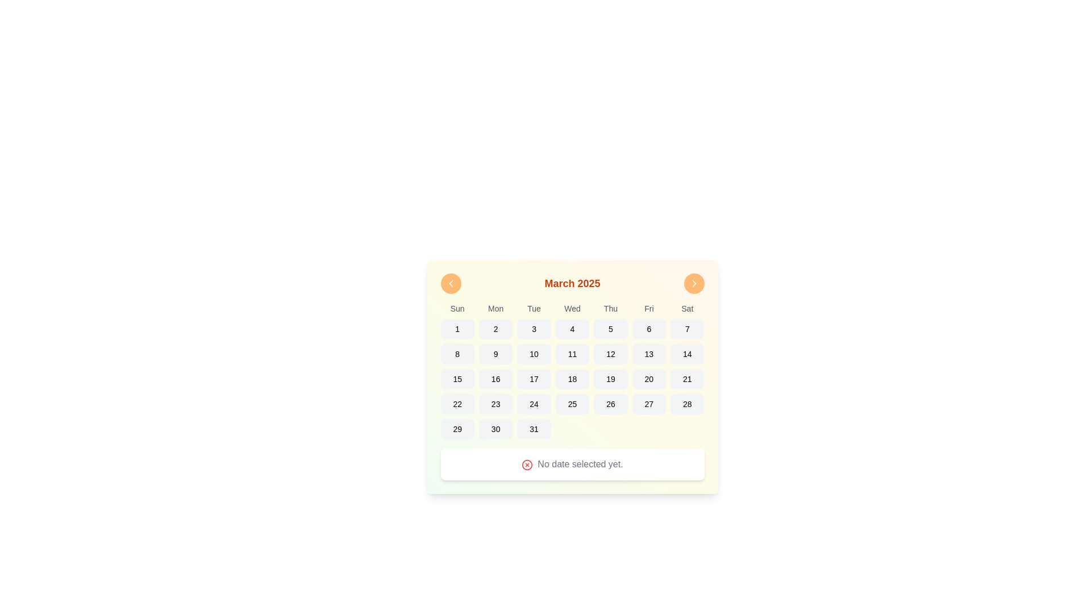 Image resolution: width=1091 pixels, height=614 pixels. I want to click on the Label displaying 'Sat', which is the last element in the weekday header row of the calendar grid, styled with center alignment and gray color, so click(686, 309).